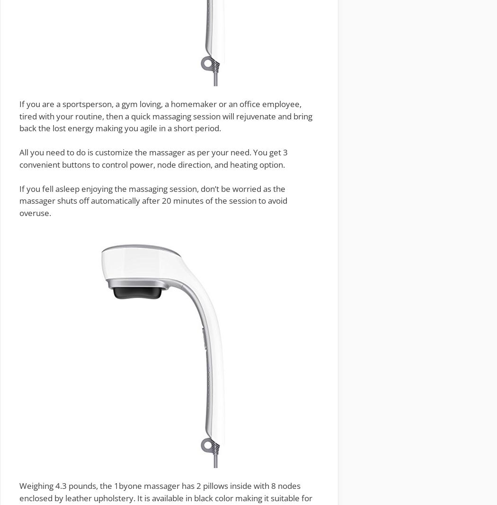  Describe the element at coordinates (91, 486) in the screenshot. I see `'s'` at that location.